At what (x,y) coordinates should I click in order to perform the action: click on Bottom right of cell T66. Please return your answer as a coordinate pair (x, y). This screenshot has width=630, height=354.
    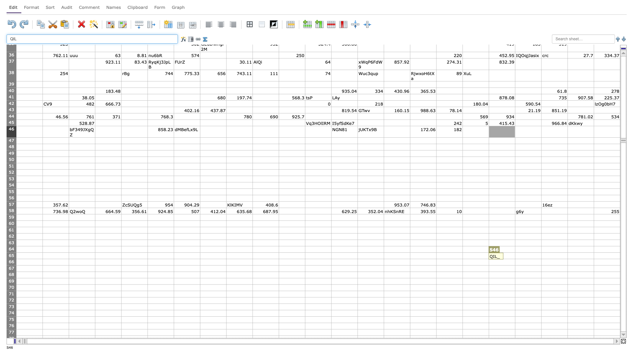
    Looking at the image, I should click on (541, 265).